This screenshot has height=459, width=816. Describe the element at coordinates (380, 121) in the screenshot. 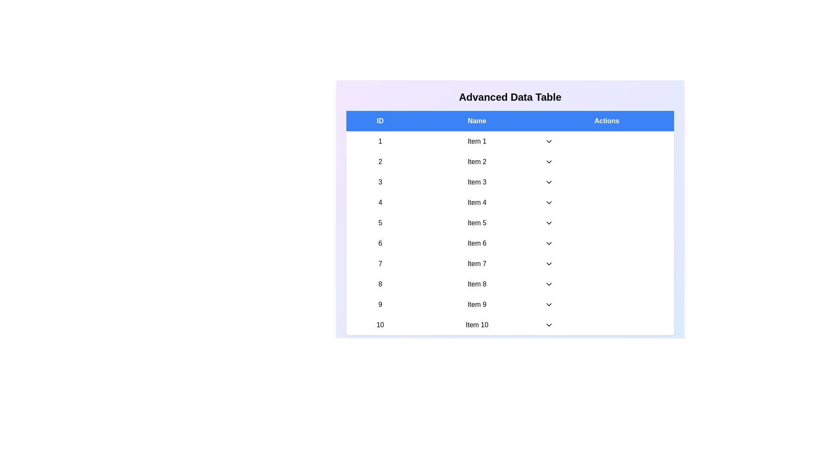

I see `the header ID in the table` at that location.